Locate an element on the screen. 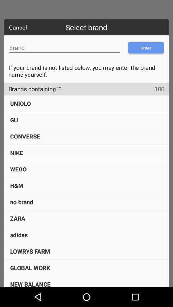  wego item is located at coordinates (18, 169).